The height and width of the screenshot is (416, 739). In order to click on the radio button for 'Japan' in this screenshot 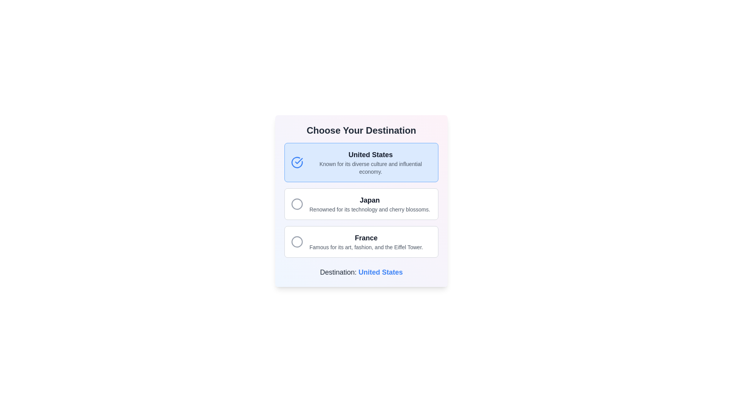, I will do `click(297, 203)`.